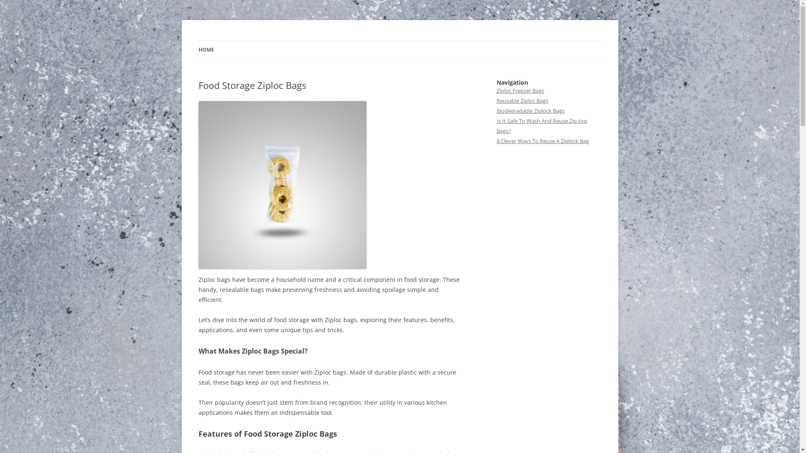  What do you see at coordinates (496, 100) in the screenshot?
I see `'Reusable Ziploc Bags'` at bounding box center [496, 100].